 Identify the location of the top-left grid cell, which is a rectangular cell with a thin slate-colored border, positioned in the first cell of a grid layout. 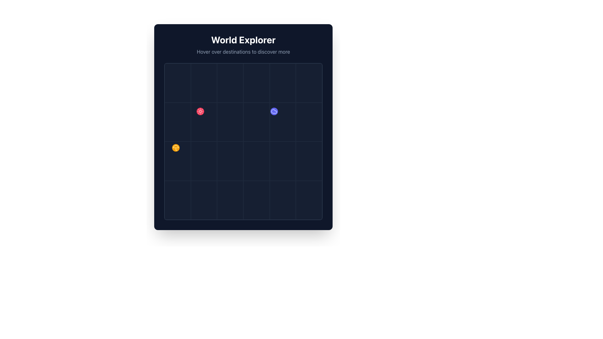
(177, 83).